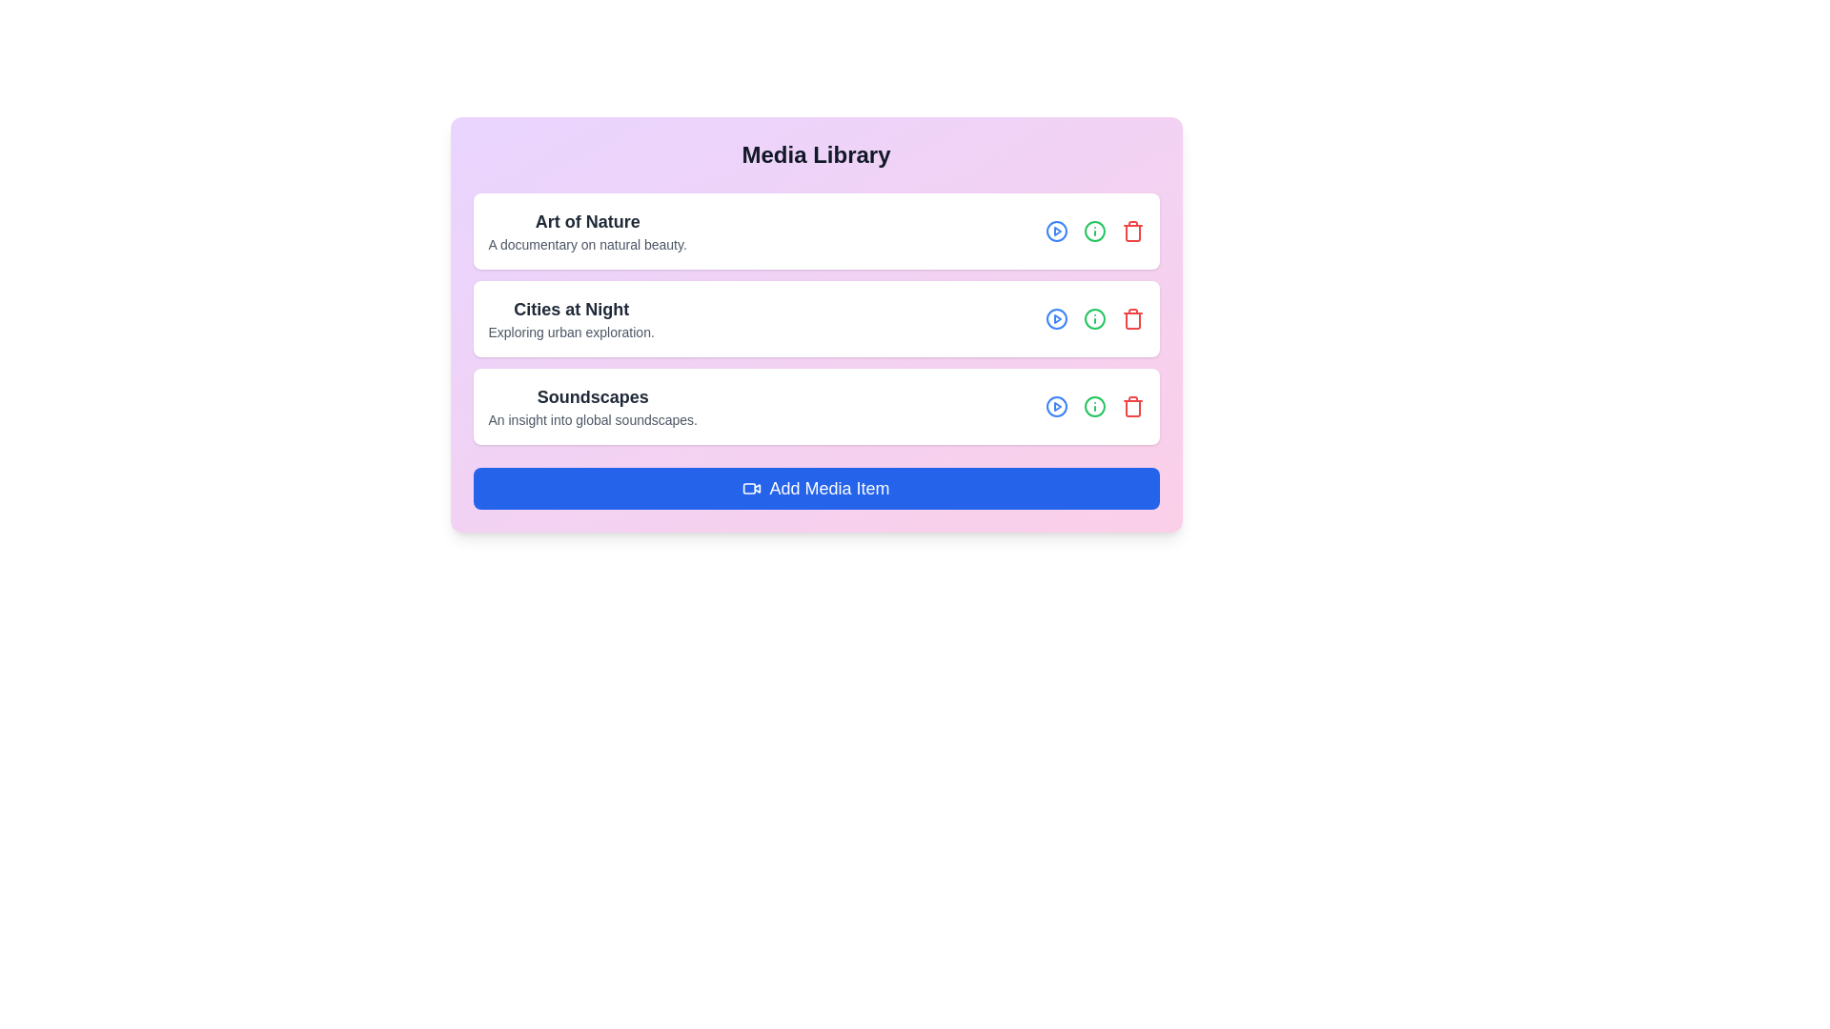 This screenshot has height=1029, width=1830. What do you see at coordinates (592, 406) in the screenshot?
I see `the text of the media item Soundscapes` at bounding box center [592, 406].